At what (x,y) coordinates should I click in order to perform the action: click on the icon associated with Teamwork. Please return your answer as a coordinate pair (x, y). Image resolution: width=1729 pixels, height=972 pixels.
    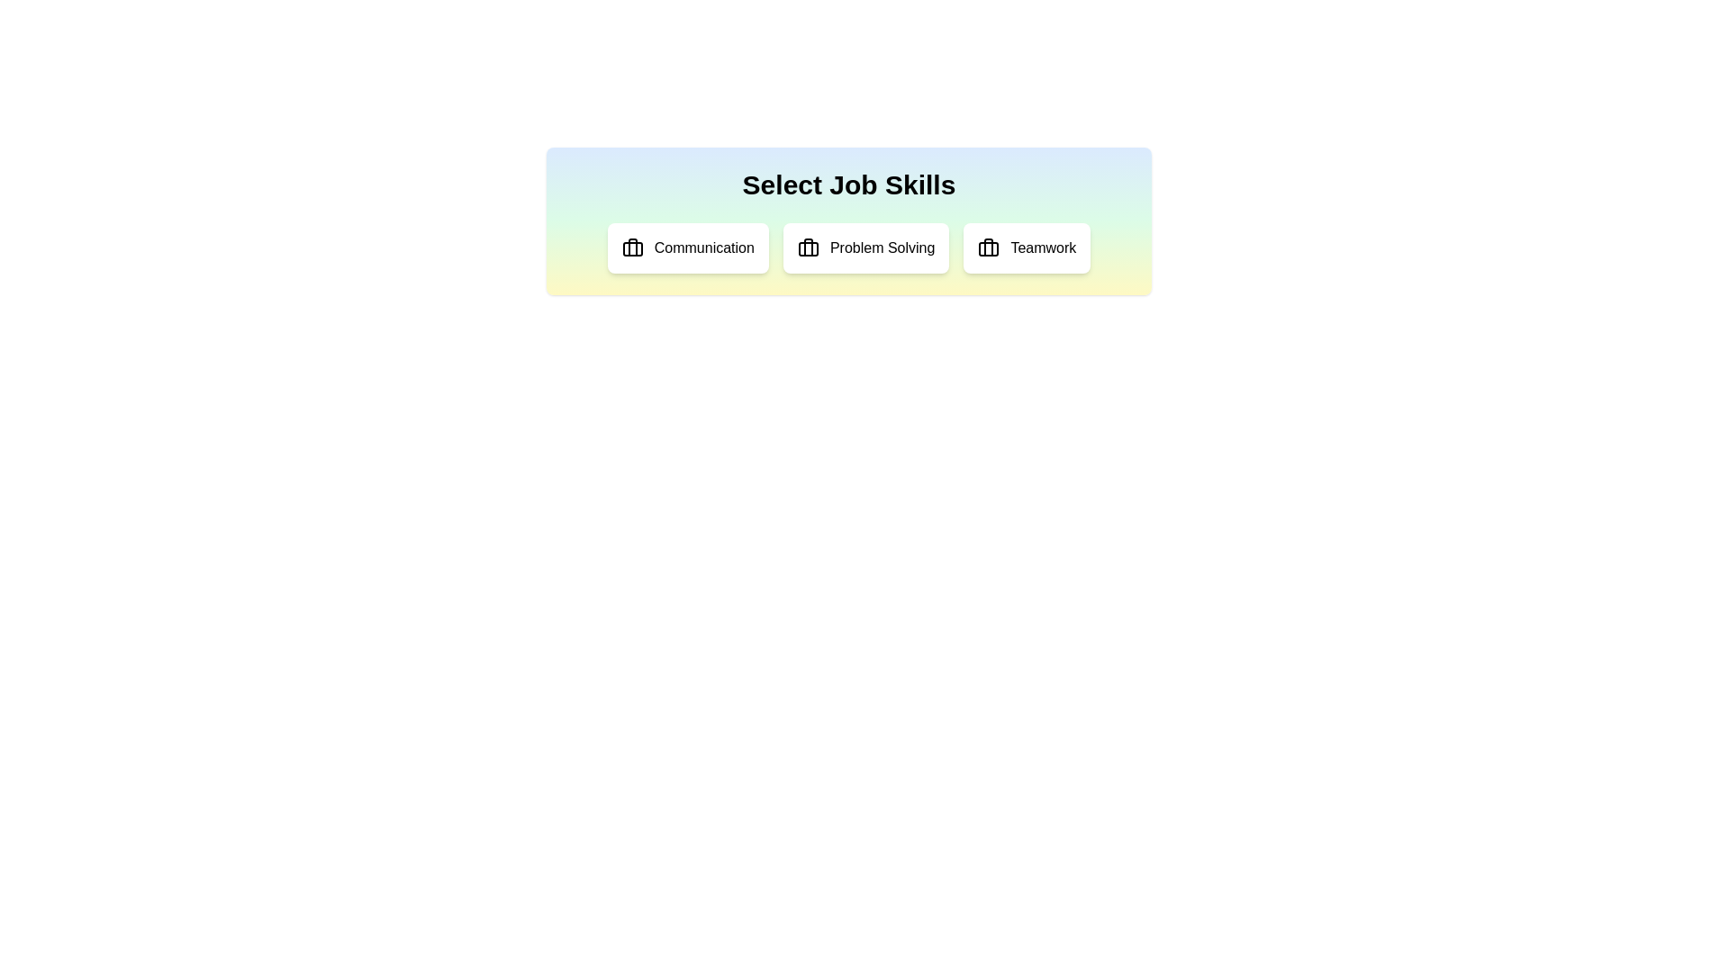
    Looking at the image, I should click on (988, 248).